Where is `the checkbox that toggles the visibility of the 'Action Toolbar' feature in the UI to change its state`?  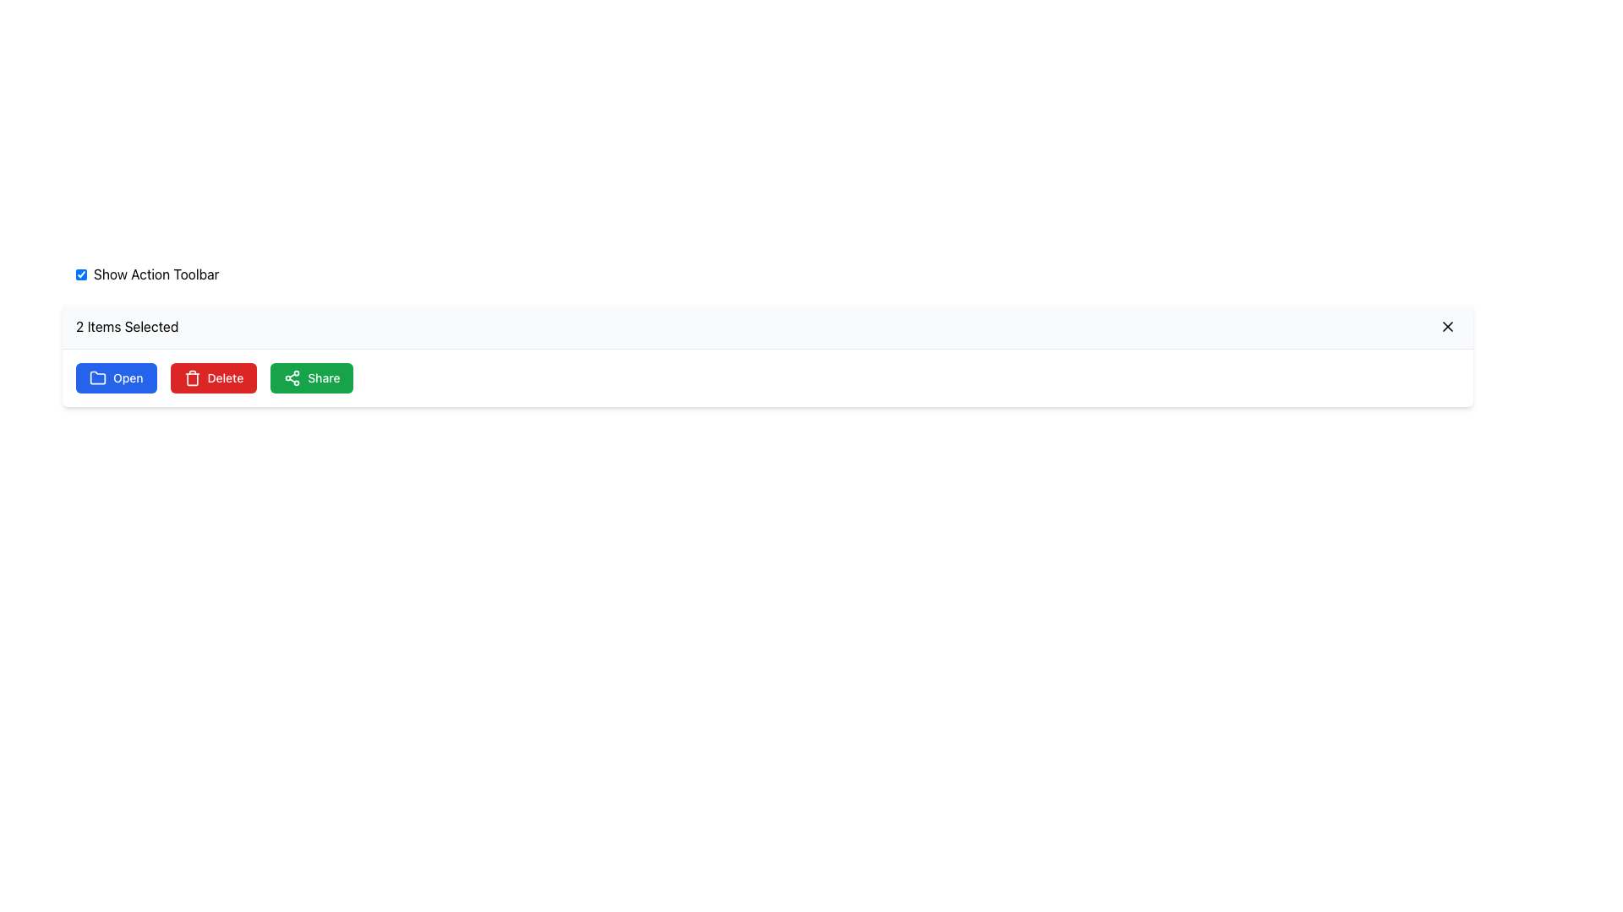 the checkbox that toggles the visibility of the 'Action Toolbar' feature in the UI to change its state is located at coordinates (80, 273).